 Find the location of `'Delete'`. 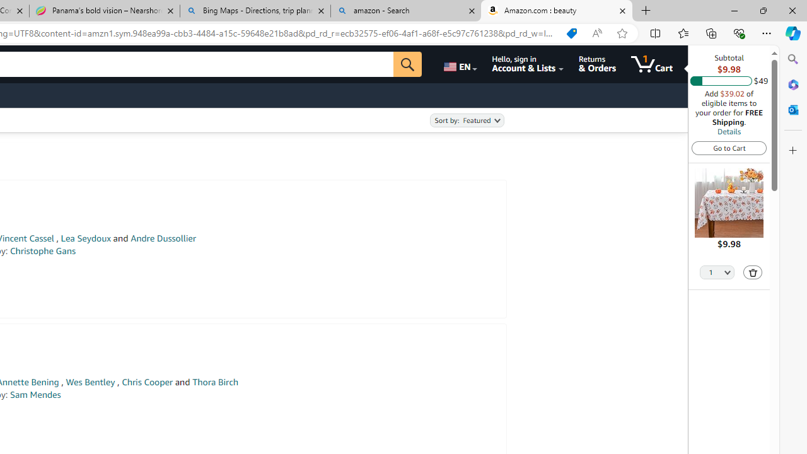

'Delete' is located at coordinates (753, 272).